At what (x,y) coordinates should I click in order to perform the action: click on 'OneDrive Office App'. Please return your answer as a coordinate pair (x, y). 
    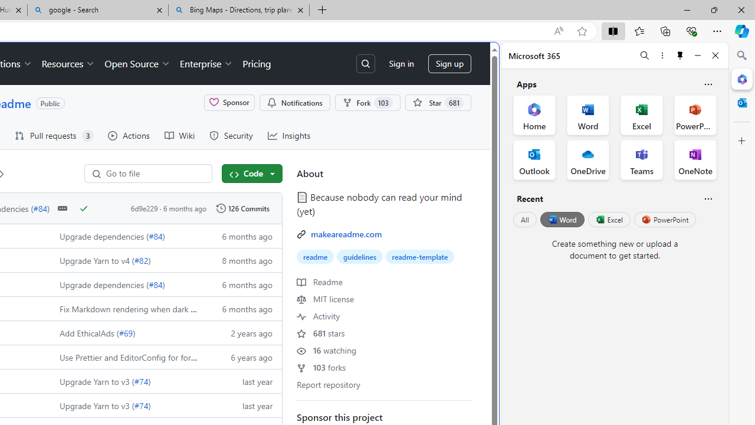
    Looking at the image, I should click on (588, 160).